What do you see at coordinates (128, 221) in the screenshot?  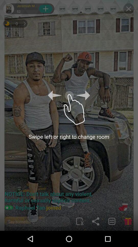 I see `the gift icon` at bounding box center [128, 221].